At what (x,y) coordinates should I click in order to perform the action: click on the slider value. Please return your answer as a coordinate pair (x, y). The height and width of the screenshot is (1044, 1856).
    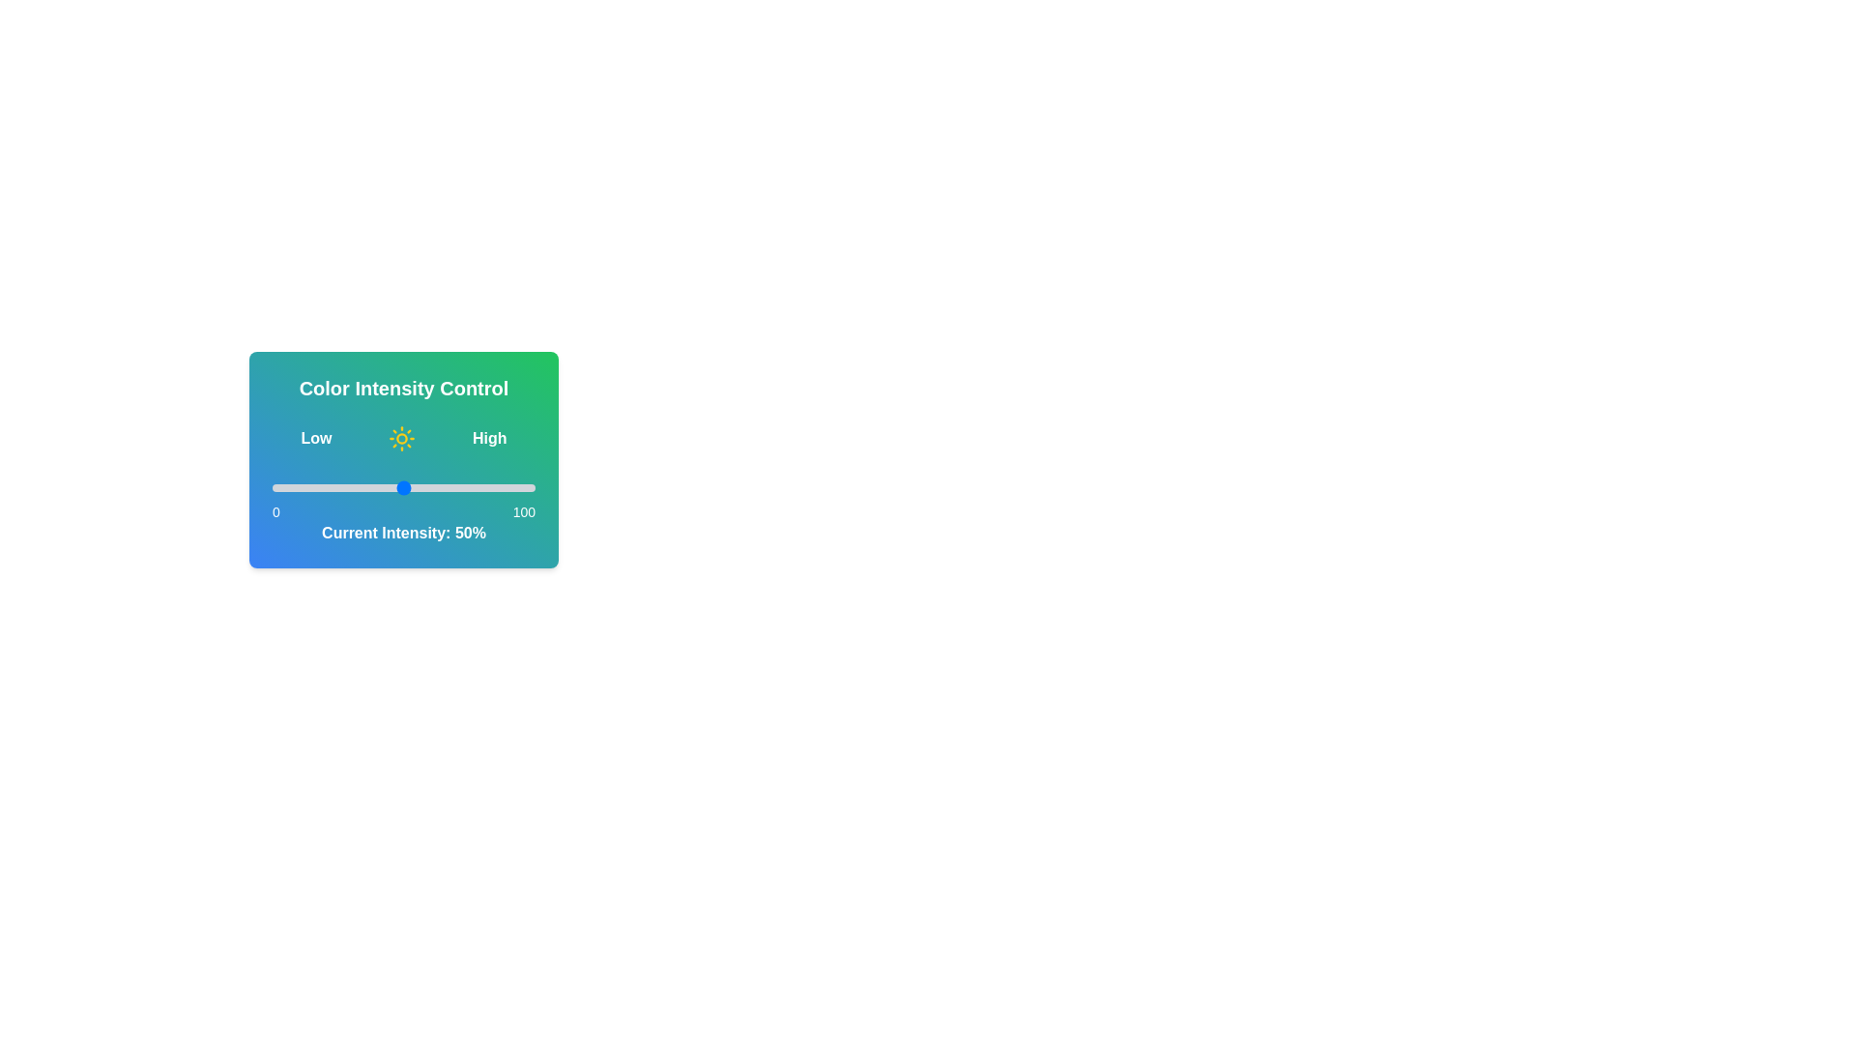
    Looking at the image, I should click on (357, 487).